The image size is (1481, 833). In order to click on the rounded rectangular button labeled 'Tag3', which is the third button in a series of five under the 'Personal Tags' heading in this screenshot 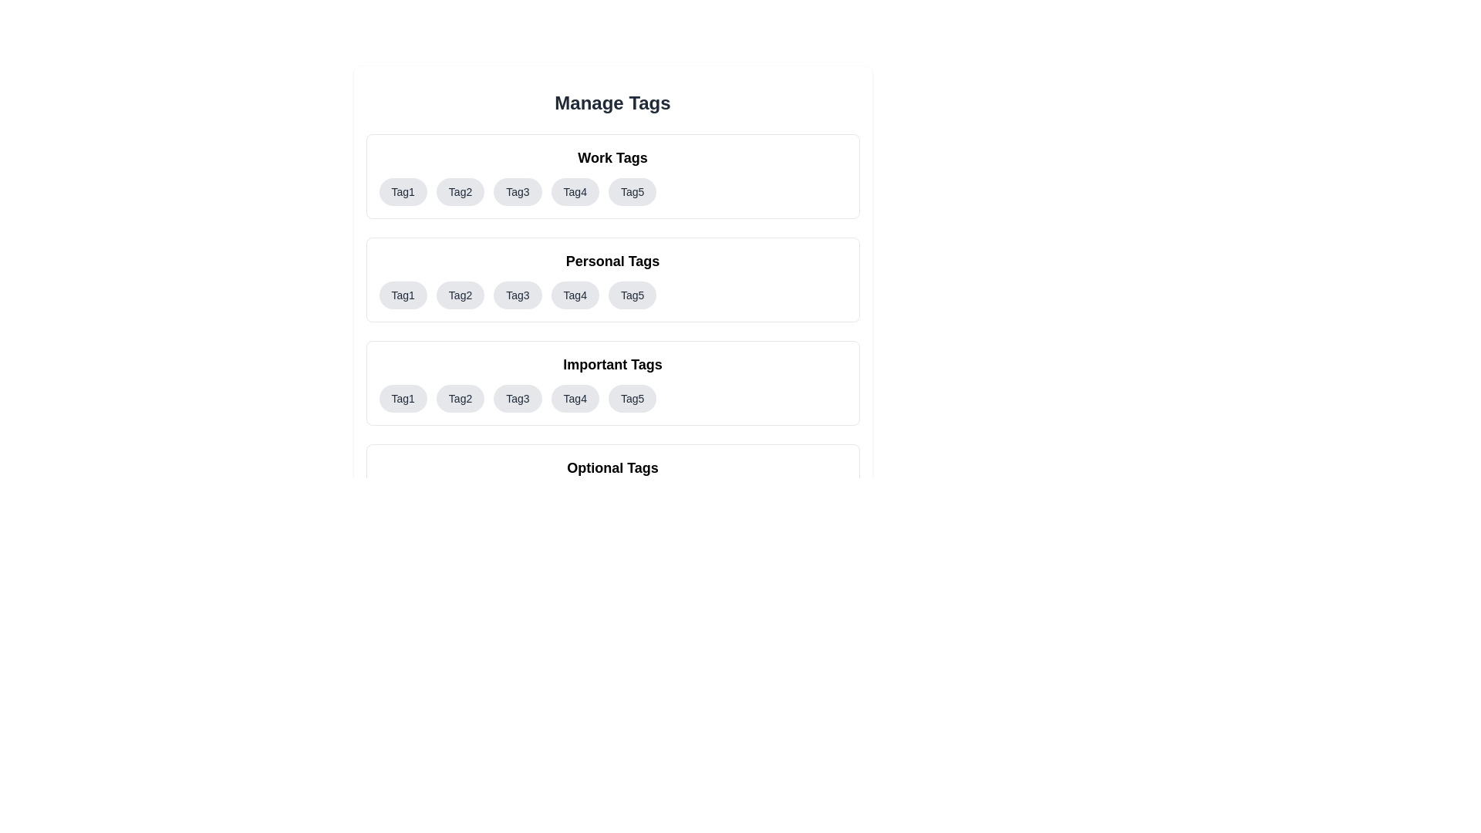, I will do `click(518, 295)`.